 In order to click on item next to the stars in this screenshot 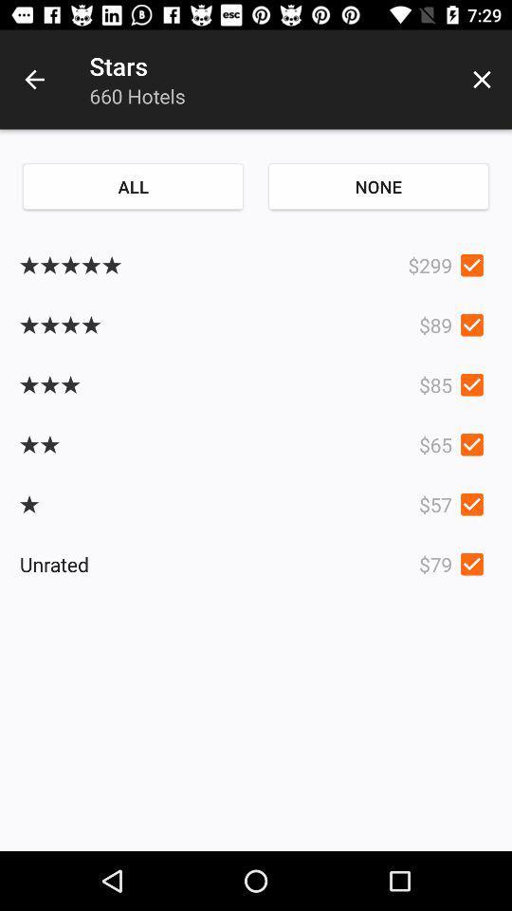, I will do `click(34, 80)`.